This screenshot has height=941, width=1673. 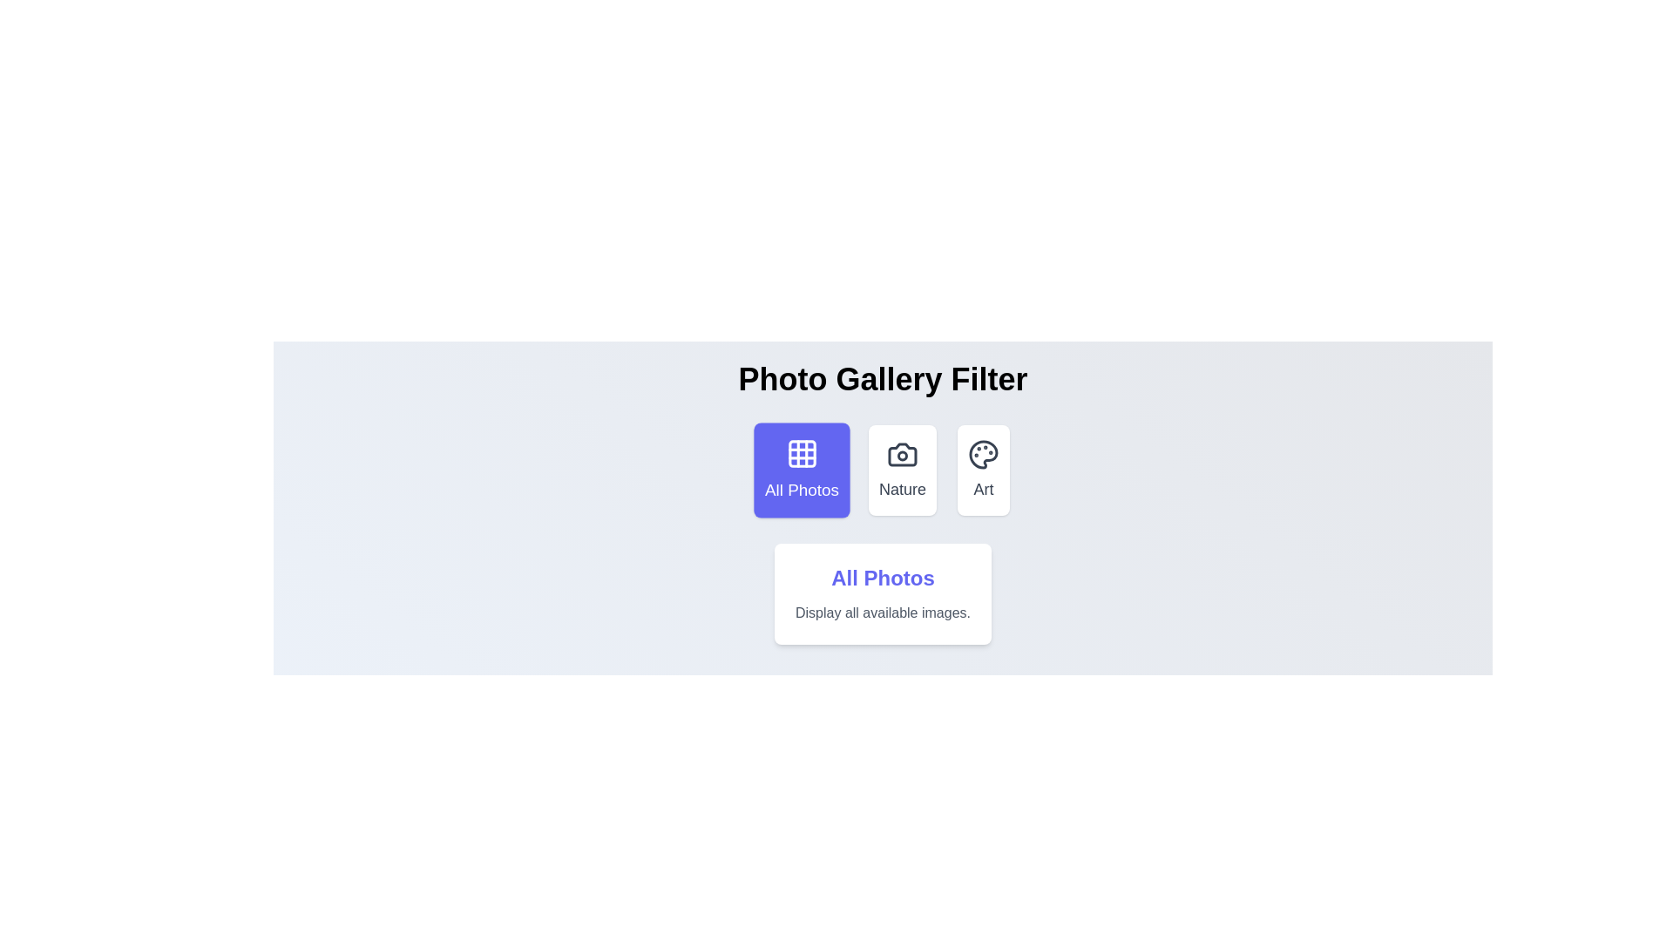 I want to click on the filter button labeled 'Art' to select the corresponding filter, so click(x=983, y=470).